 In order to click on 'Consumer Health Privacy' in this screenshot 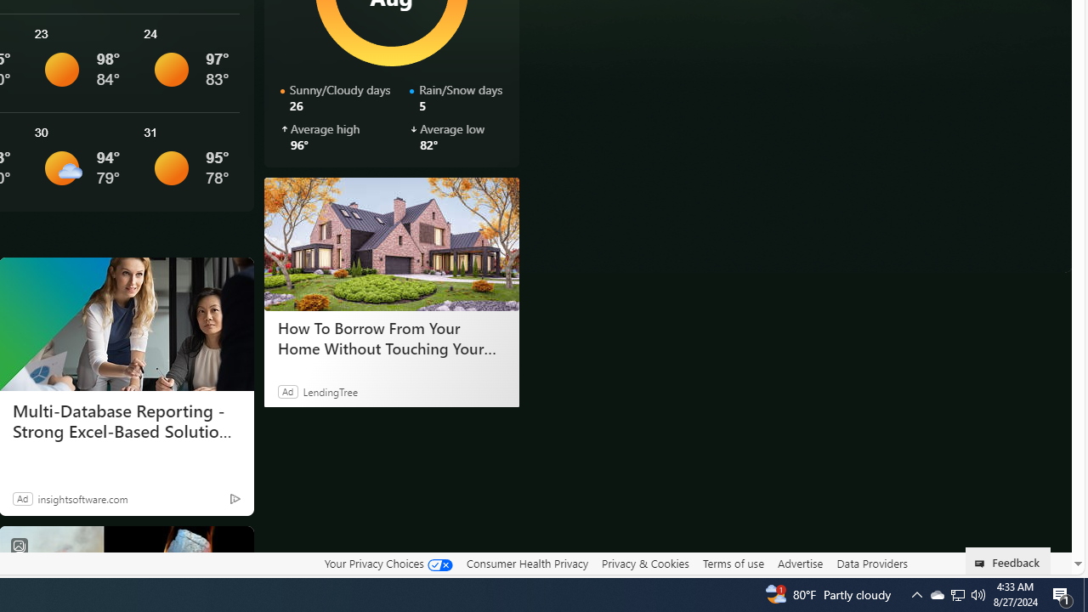, I will do `click(526, 563)`.